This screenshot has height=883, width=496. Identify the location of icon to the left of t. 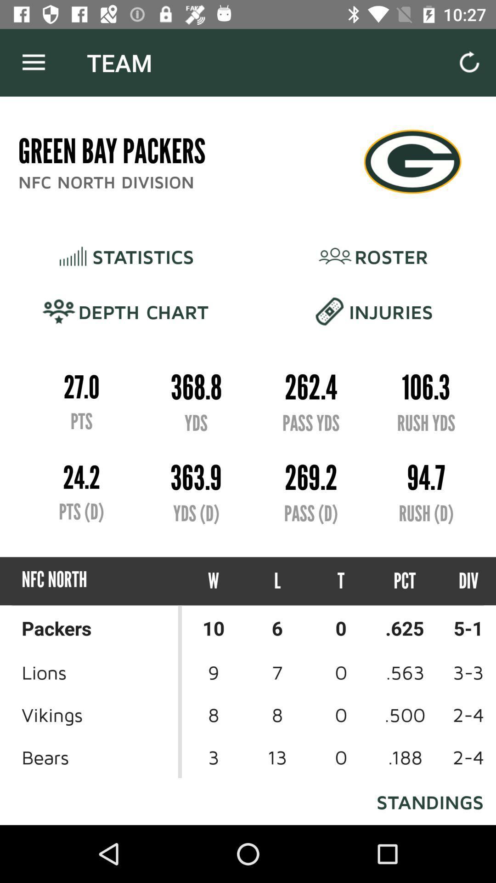
(277, 580).